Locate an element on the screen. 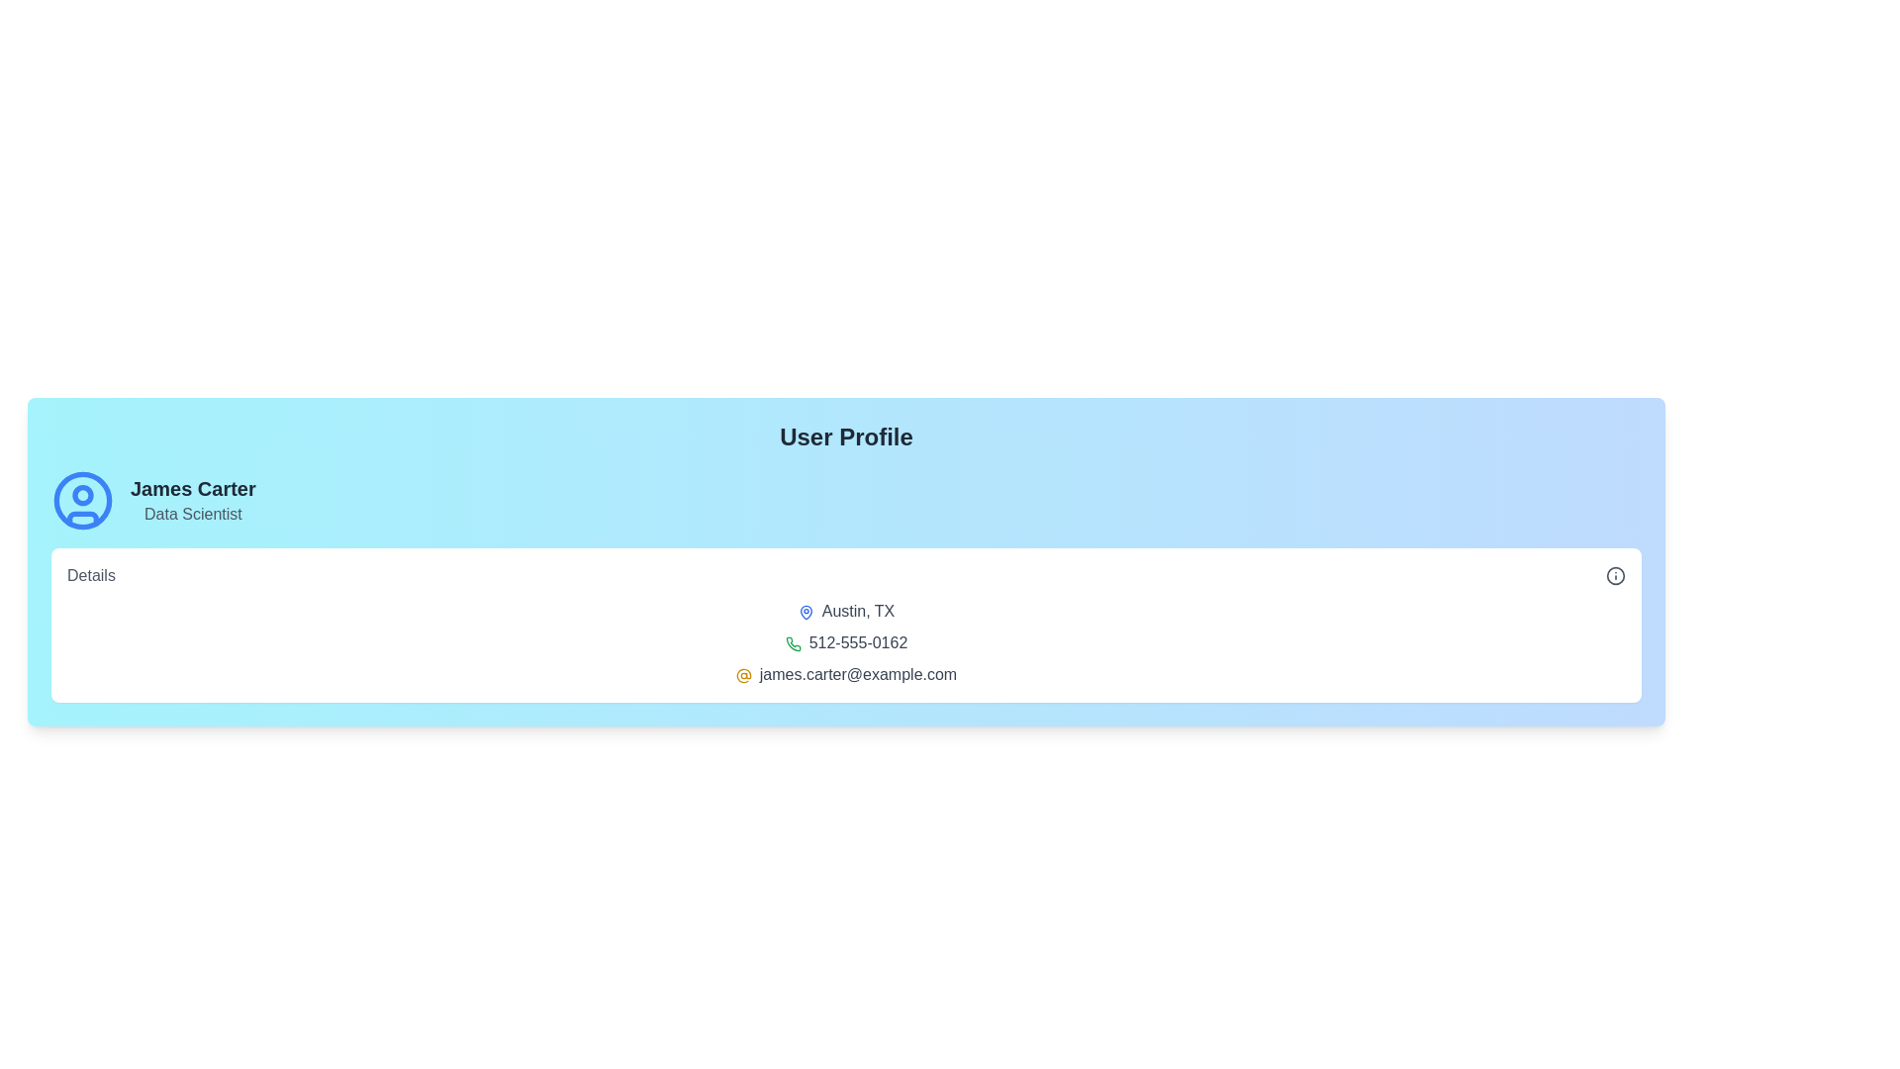 This screenshot has width=1900, height=1069. the blue vector map pin icon located to the left of the text 'Austin, TX' in the 'Details' section is located at coordinates (806, 611).